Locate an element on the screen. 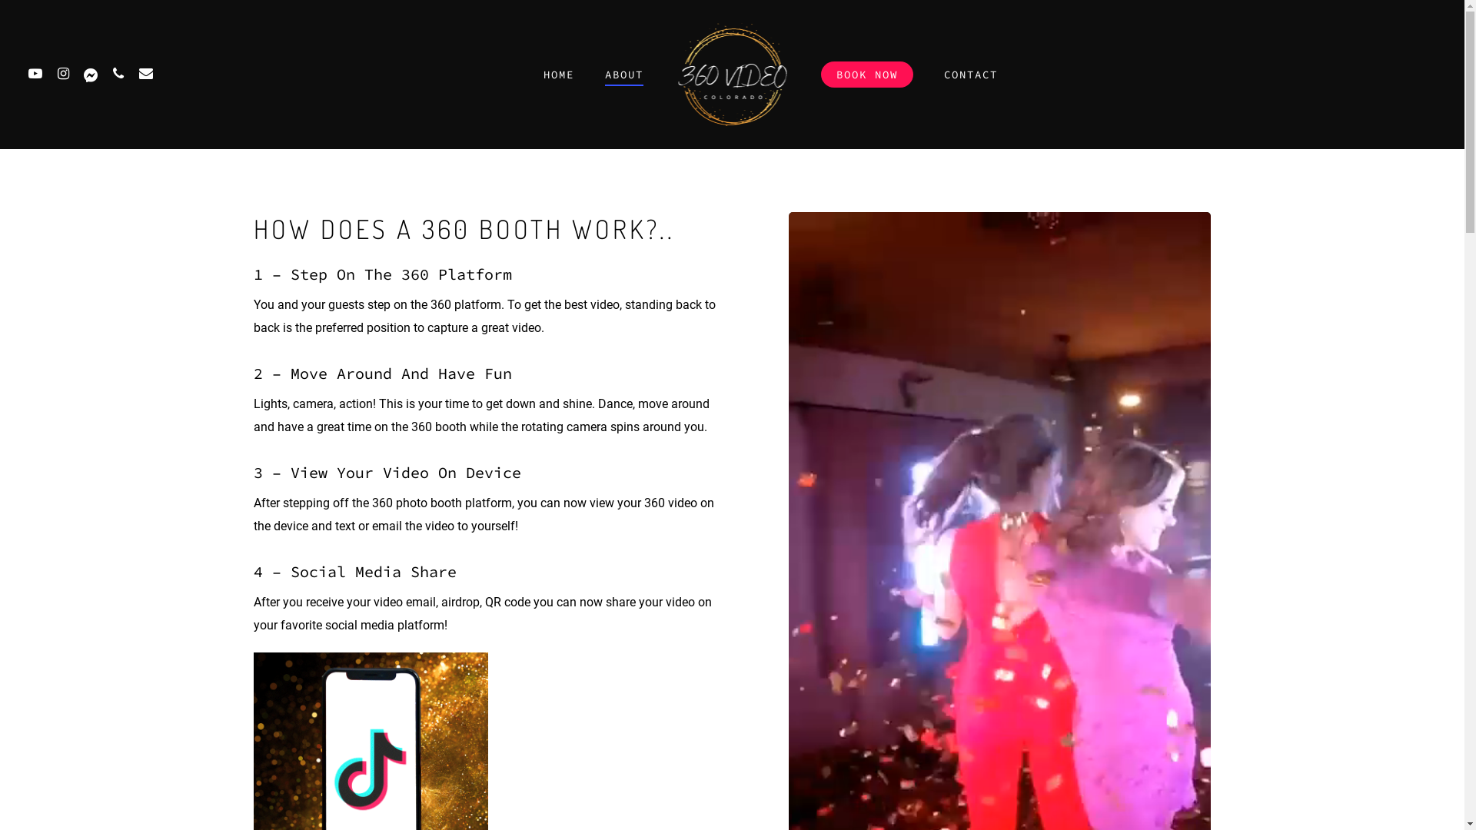 The height and width of the screenshot is (830, 1476). 'MESSENGER' is located at coordinates (90, 74).